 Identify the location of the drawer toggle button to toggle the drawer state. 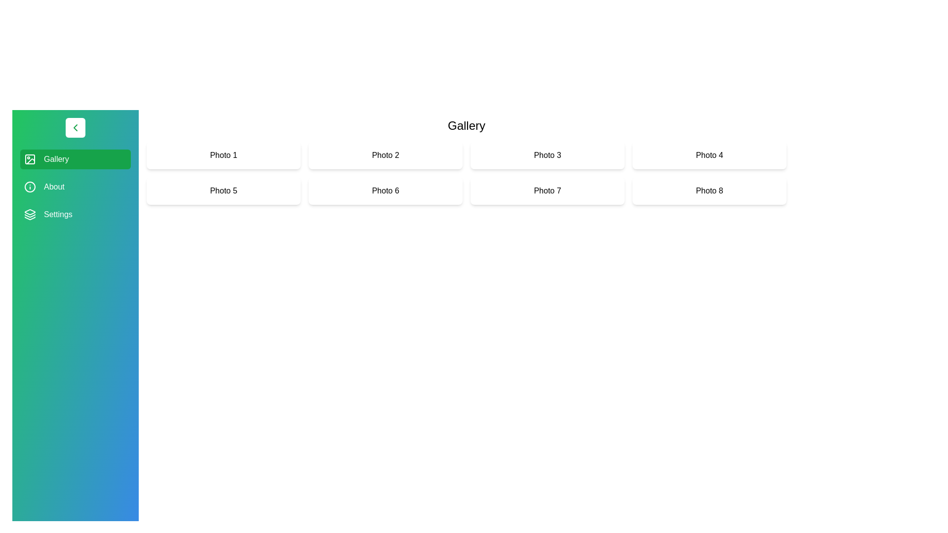
(75, 127).